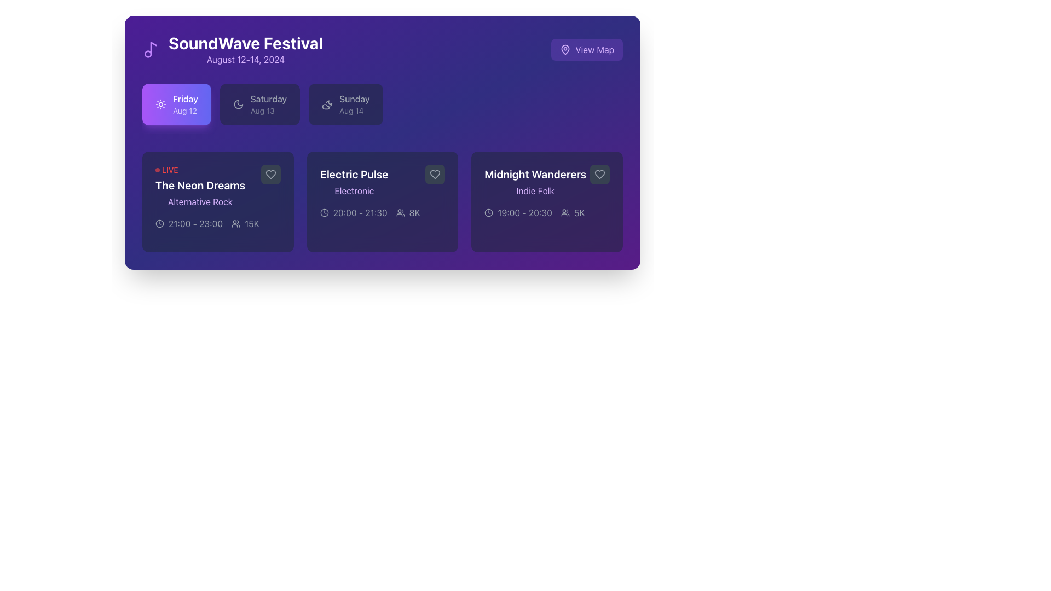 This screenshot has height=591, width=1051. I want to click on the non-interactive label displaying '15K' and the user icon, located in the third column of the event card, below the title 'The Neon Dreams' and to the right of the '21:00 - 23:00' label, so click(245, 223).